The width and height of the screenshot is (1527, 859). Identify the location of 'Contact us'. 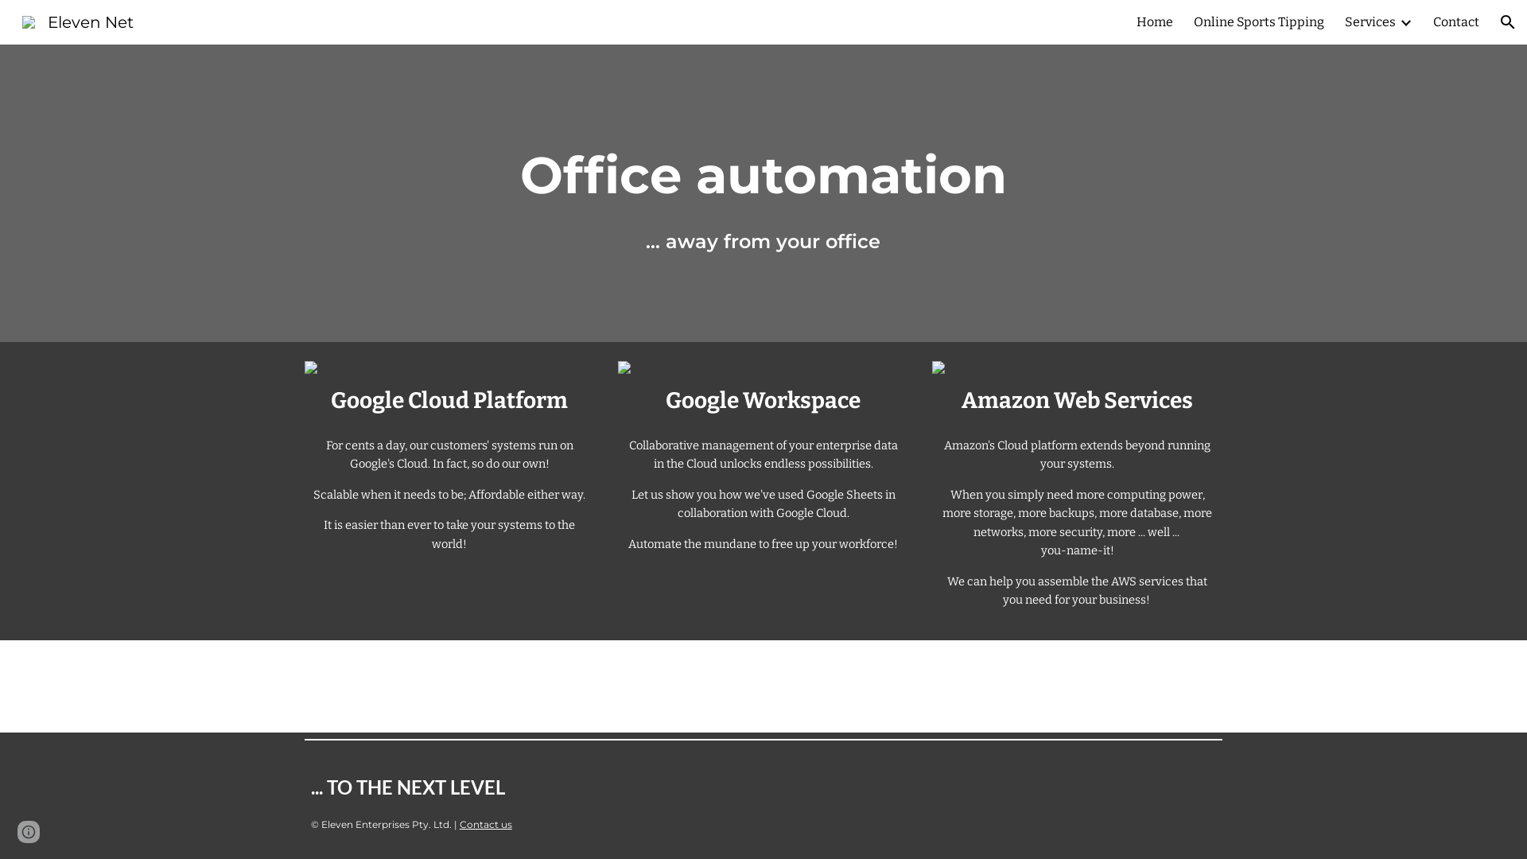
(484, 823).